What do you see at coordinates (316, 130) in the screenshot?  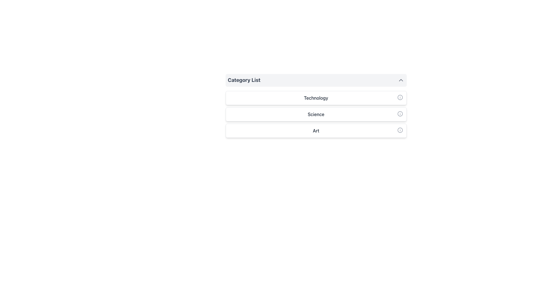 I see `the 'Art' category text label` at bounding box center [316, 130].